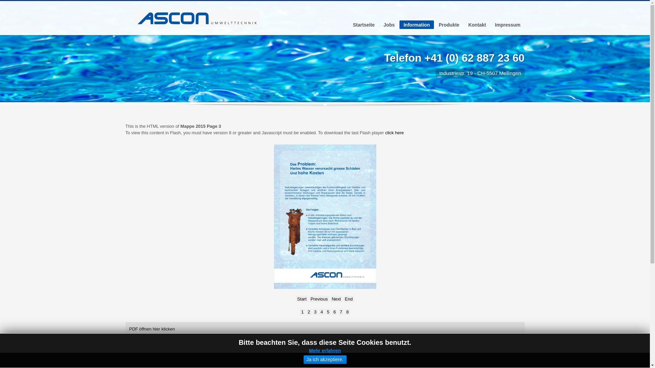 This screenshot has width=655, height=368. Describe the element at coordinates (321, 312) in the screenshot. I see `'4'` at that location.